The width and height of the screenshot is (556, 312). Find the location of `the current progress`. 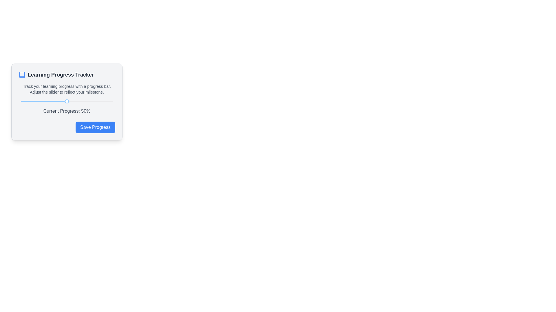

the current progress is located at coordinates (94, 101).